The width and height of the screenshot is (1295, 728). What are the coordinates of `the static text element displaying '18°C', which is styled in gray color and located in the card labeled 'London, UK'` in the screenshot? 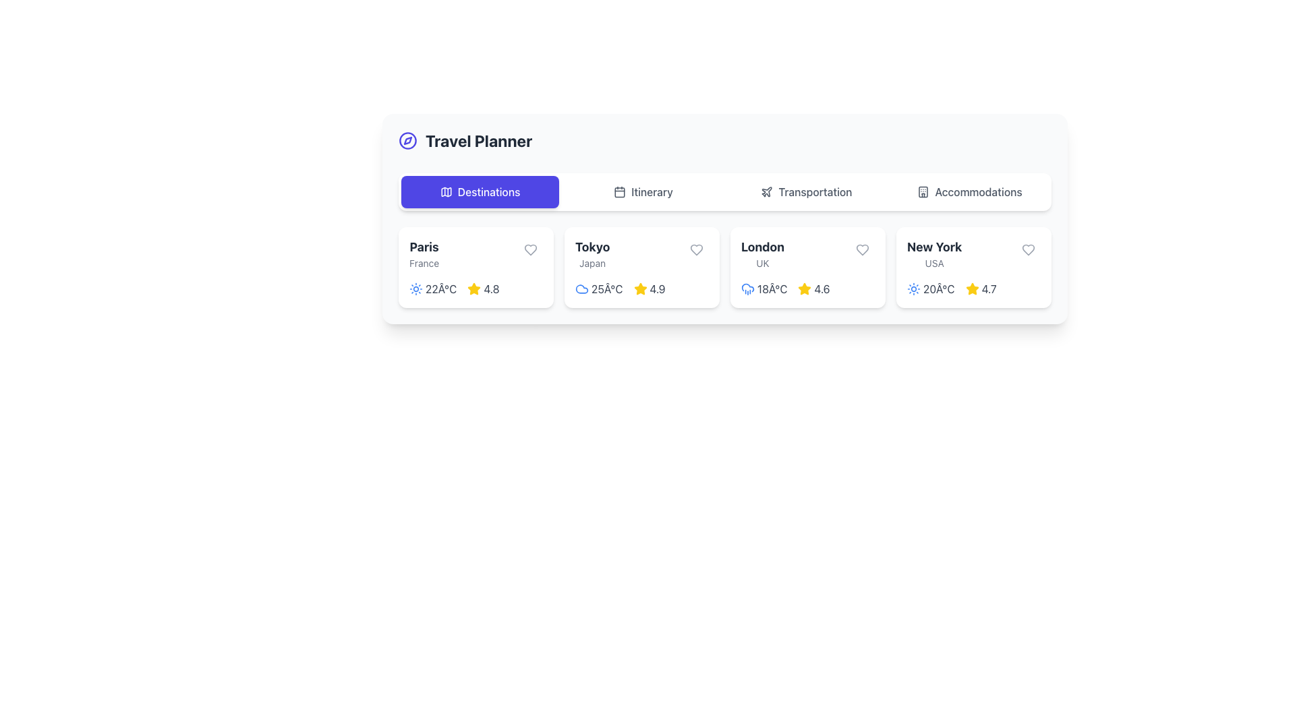 It's located at (772, 288).